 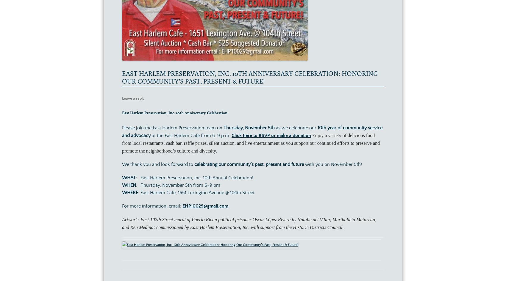 What do you see at coordinates (152, 206) in the screenshot?
I see `'For more information, email:'` at bounding box center [152, 206].